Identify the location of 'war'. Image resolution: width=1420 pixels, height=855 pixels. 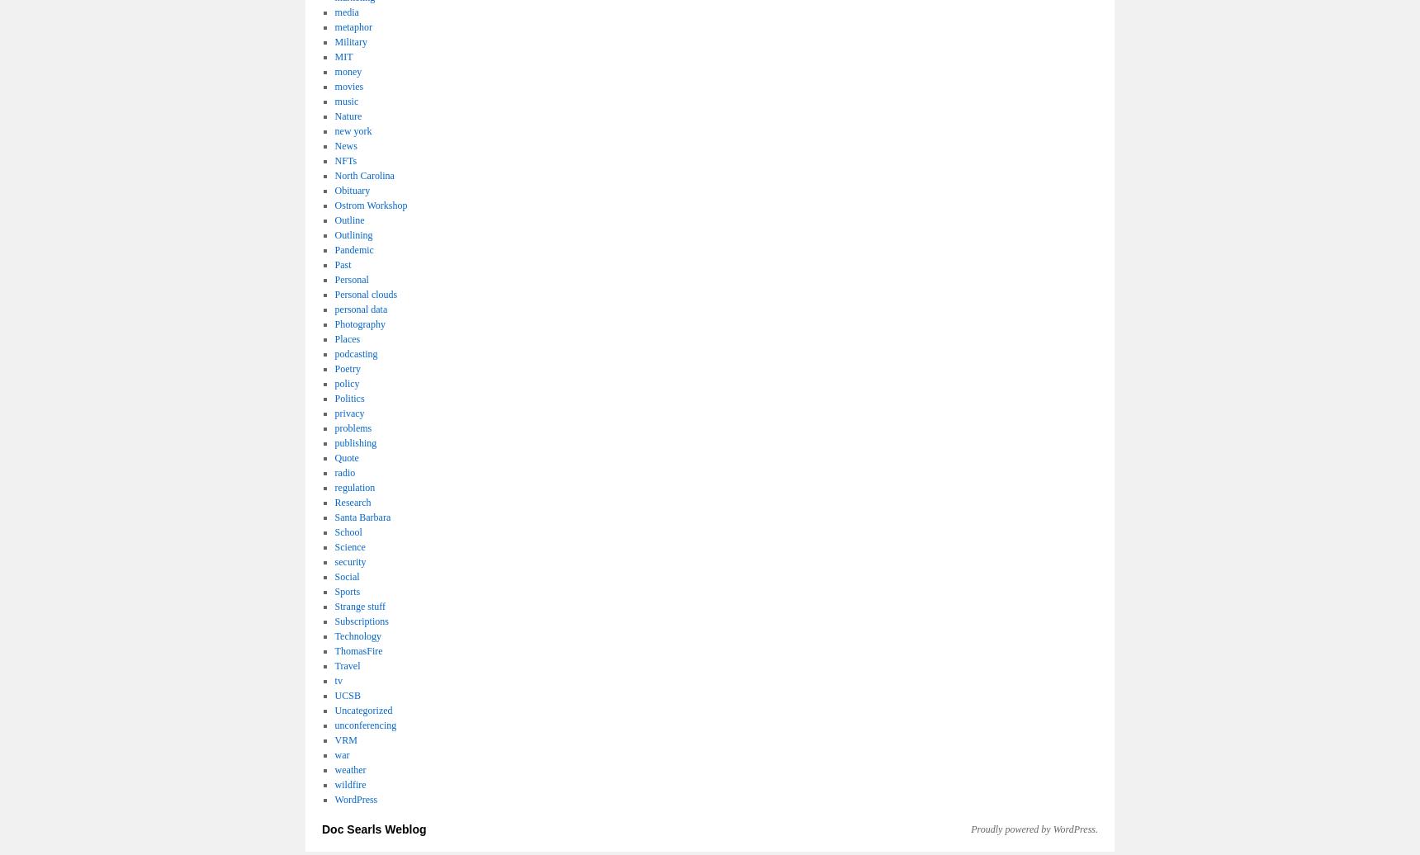
(334, 753).